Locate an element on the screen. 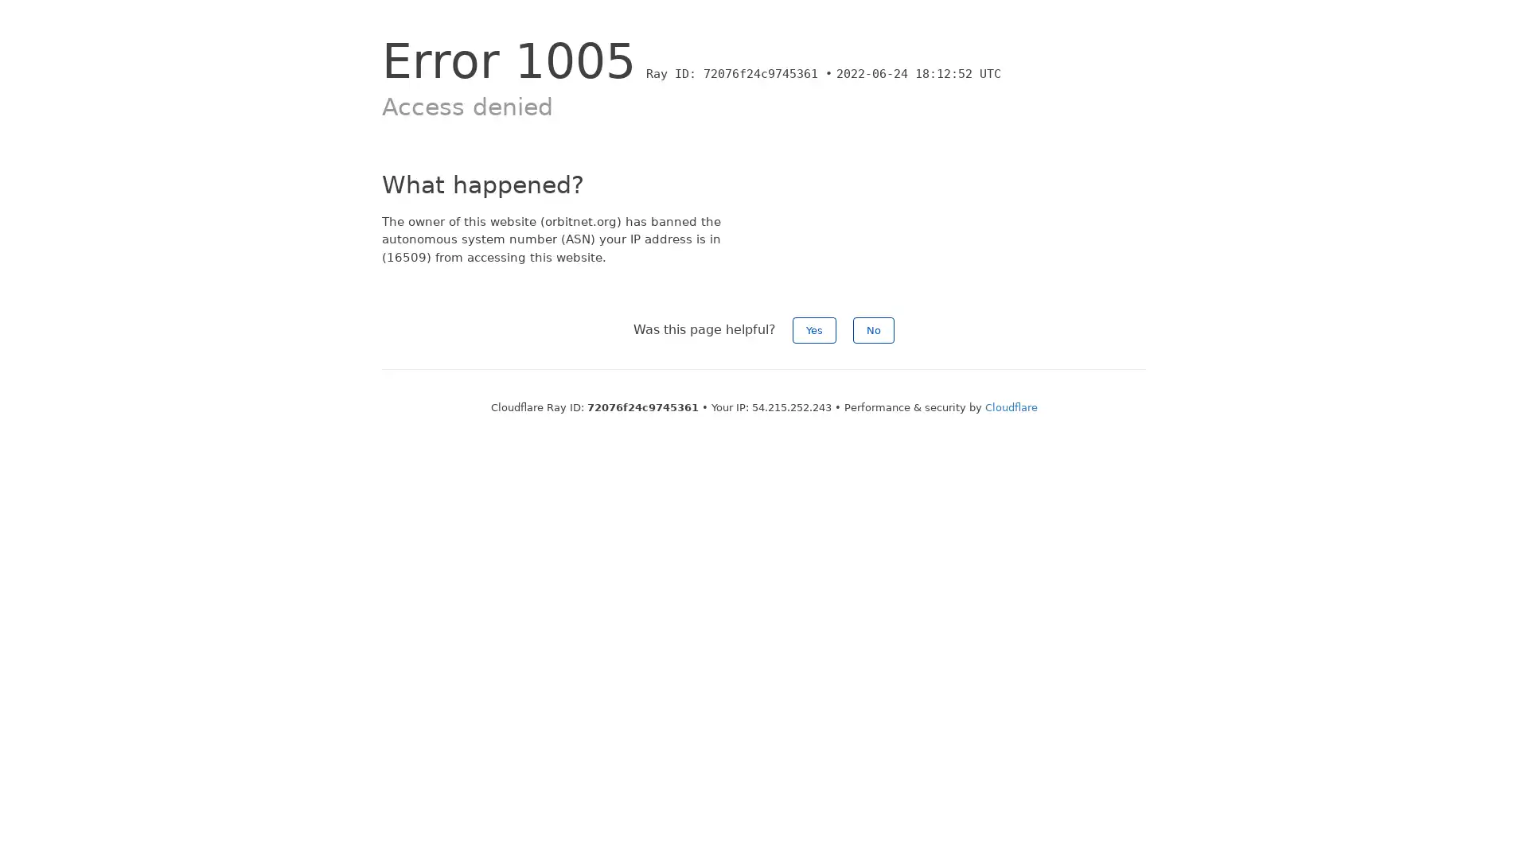 This screenshot has width=1528, height=859. Yes is located at coordinates (814, 329).